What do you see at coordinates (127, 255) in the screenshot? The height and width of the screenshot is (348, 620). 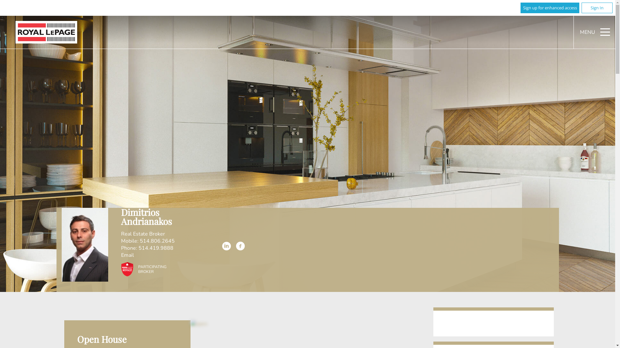 I see `'Email'` at bounding box center [127, 255].